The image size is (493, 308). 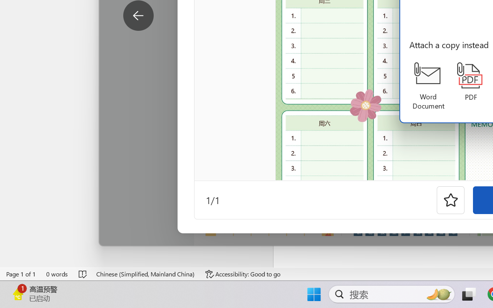 I want to click on 'Word Document', so click(x=428, y=86).